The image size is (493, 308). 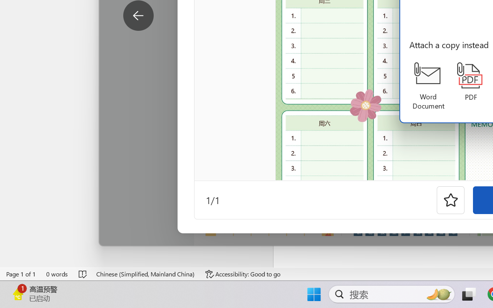 I want to click on 'Word Document', so click(x=428, y=86).